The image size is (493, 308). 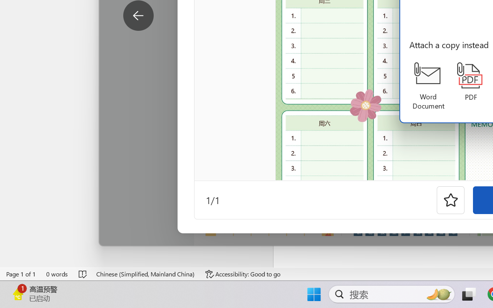 I want to click on 'Word Document', so click(x=428, y=86).